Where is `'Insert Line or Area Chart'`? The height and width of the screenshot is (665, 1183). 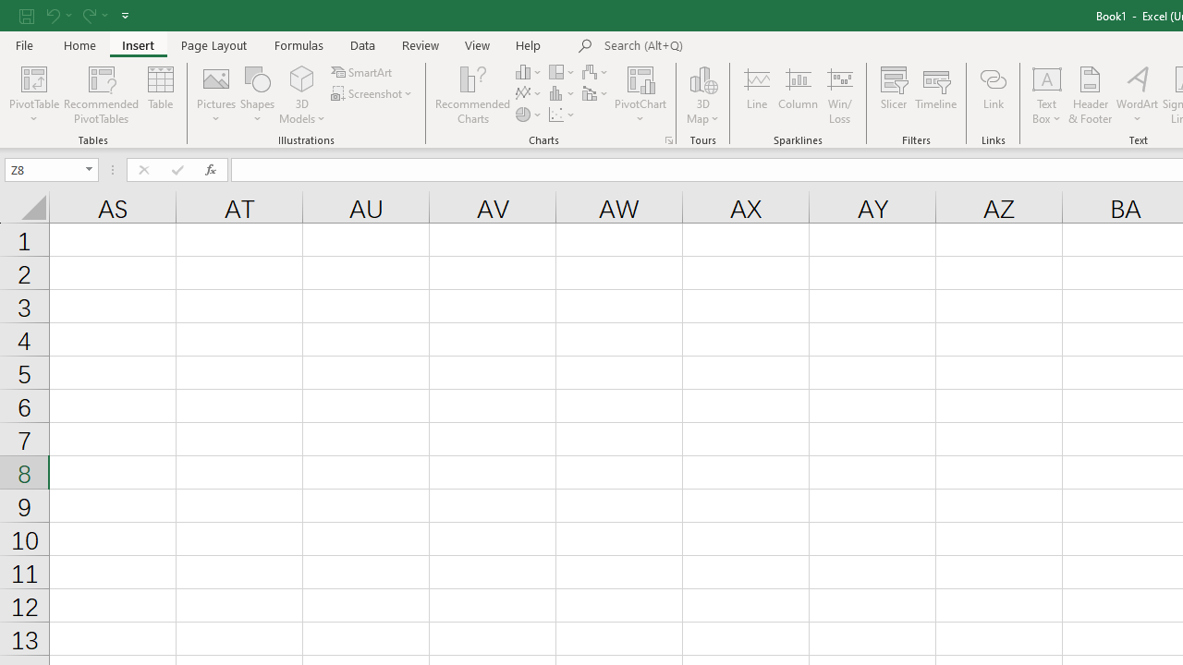
'Insert Line or Area Chart' is located at coordinates (529, 93).